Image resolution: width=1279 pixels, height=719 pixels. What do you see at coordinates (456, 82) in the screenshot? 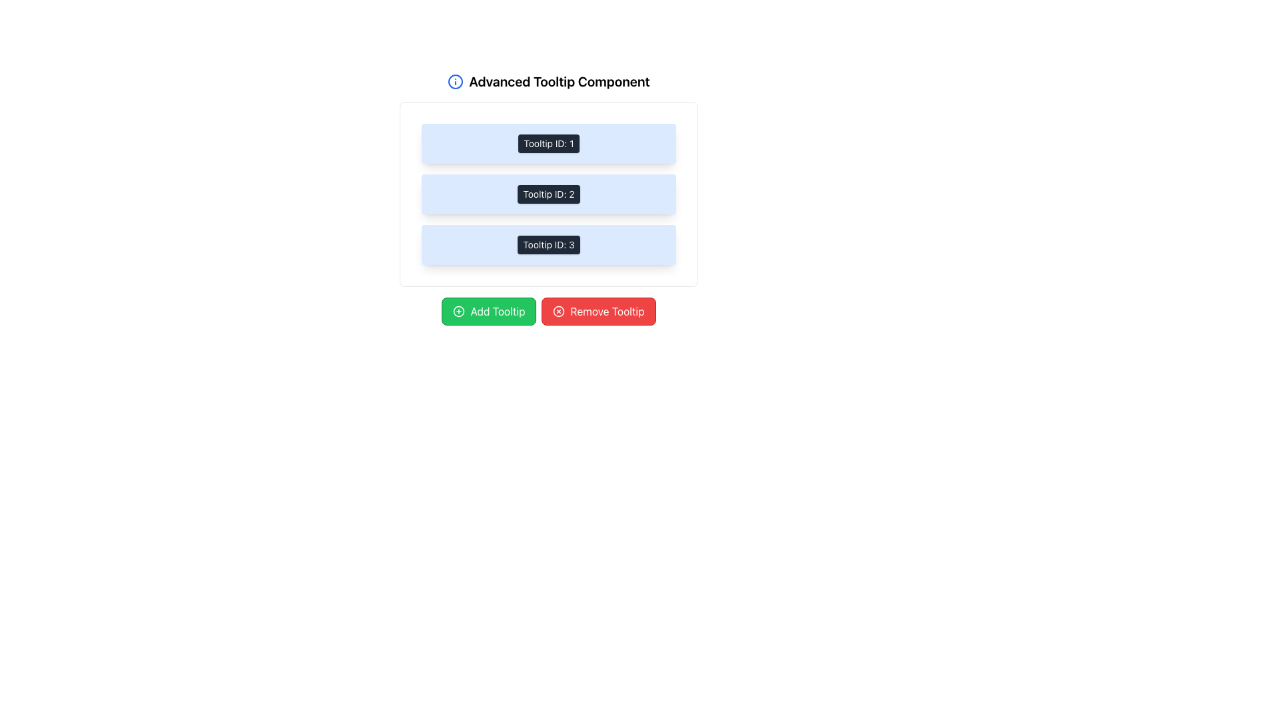
I see `the circular icon with a blue outline, containing a dot and a vertical line, located to the left of the title 'Advanced Tooltip Component'` at bounding box center [456, 82].